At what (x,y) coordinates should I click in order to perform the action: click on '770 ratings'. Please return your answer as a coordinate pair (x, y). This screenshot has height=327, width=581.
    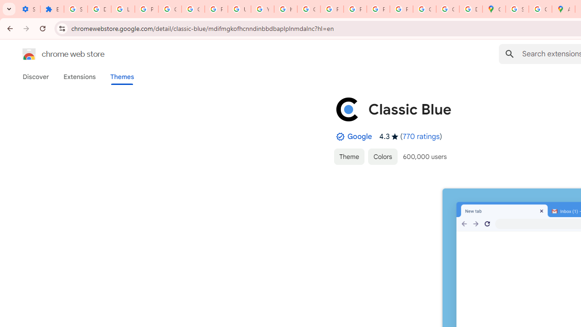
    Looking at the image, I should click on (421, 136).